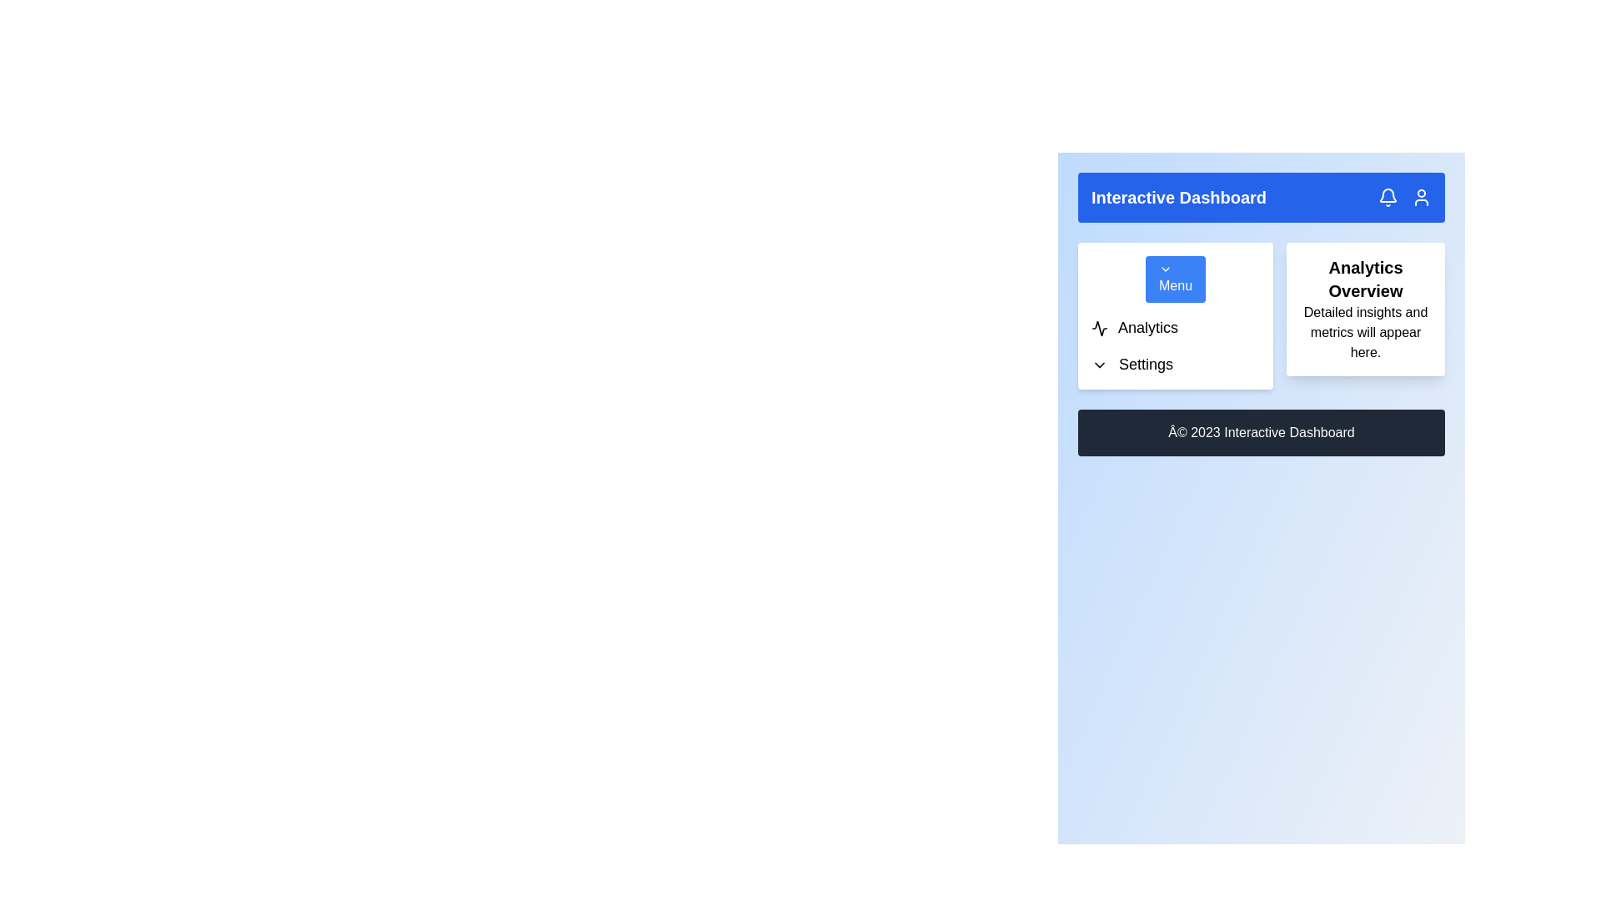  Describe the element at coordinates (1175, 328) in the screenshot. I see `the navigation link for 'Analytics', which is positioned above 'Settings' and below the 'Menu' dropdown, to potentially reveal a tooltip or visual feedback` at that location.